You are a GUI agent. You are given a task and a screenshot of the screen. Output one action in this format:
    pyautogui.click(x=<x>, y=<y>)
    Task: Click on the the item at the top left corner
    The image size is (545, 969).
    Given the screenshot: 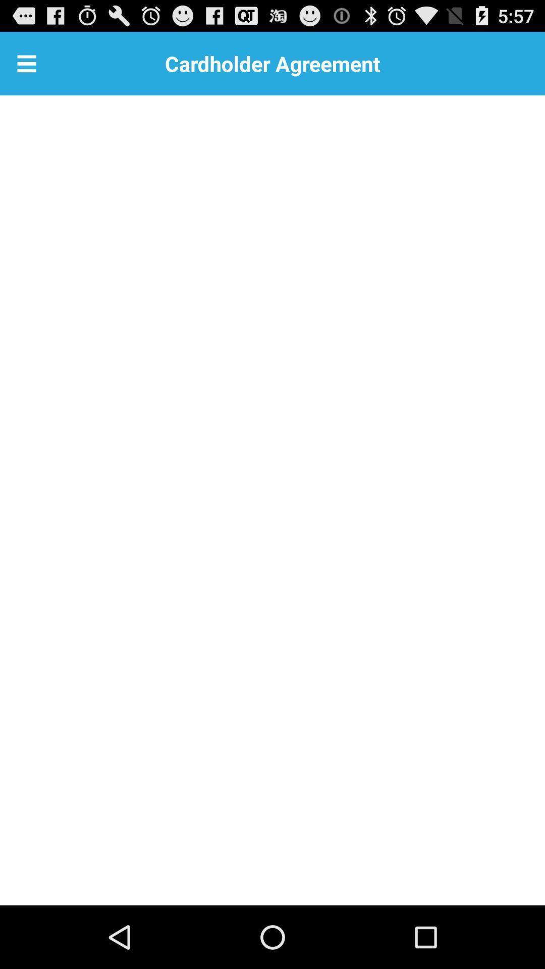 What is the action you would take?
    pyautogui.click(x=26, y=63)
    